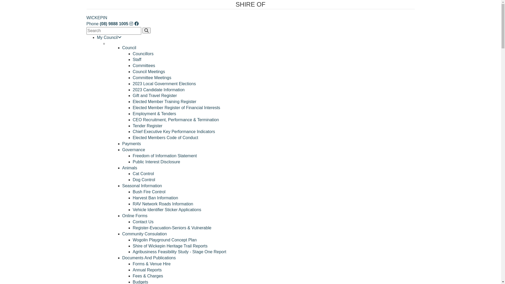 The image size is (505, 284). Describe the element at coordinates (142, 185) in the screenshot. I see `'Seasonal Information'` at that location.